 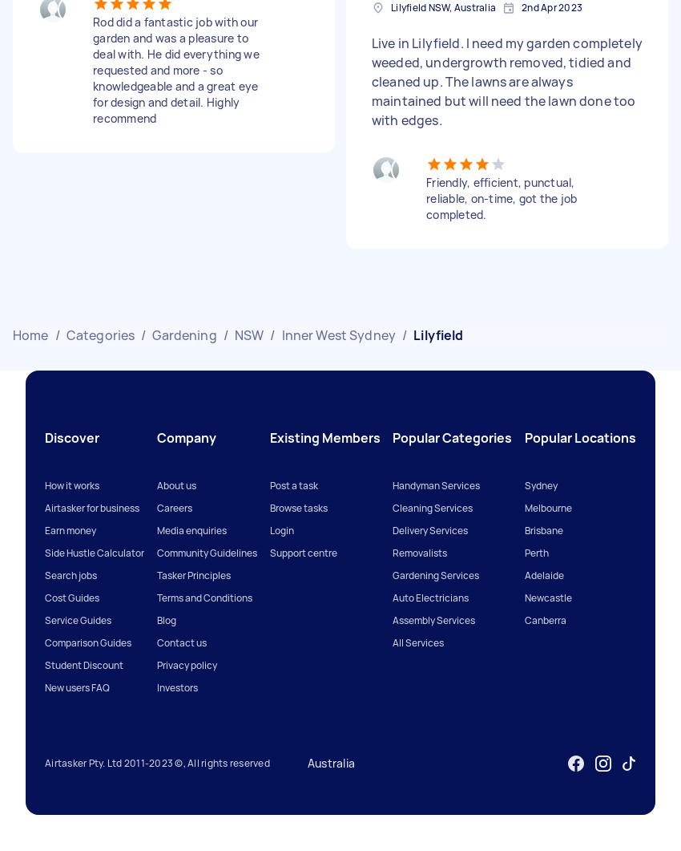 What do you see at coordinates (525, 551) in the screenshot?
I see `'Perth'` at bounding box center [525, 551].